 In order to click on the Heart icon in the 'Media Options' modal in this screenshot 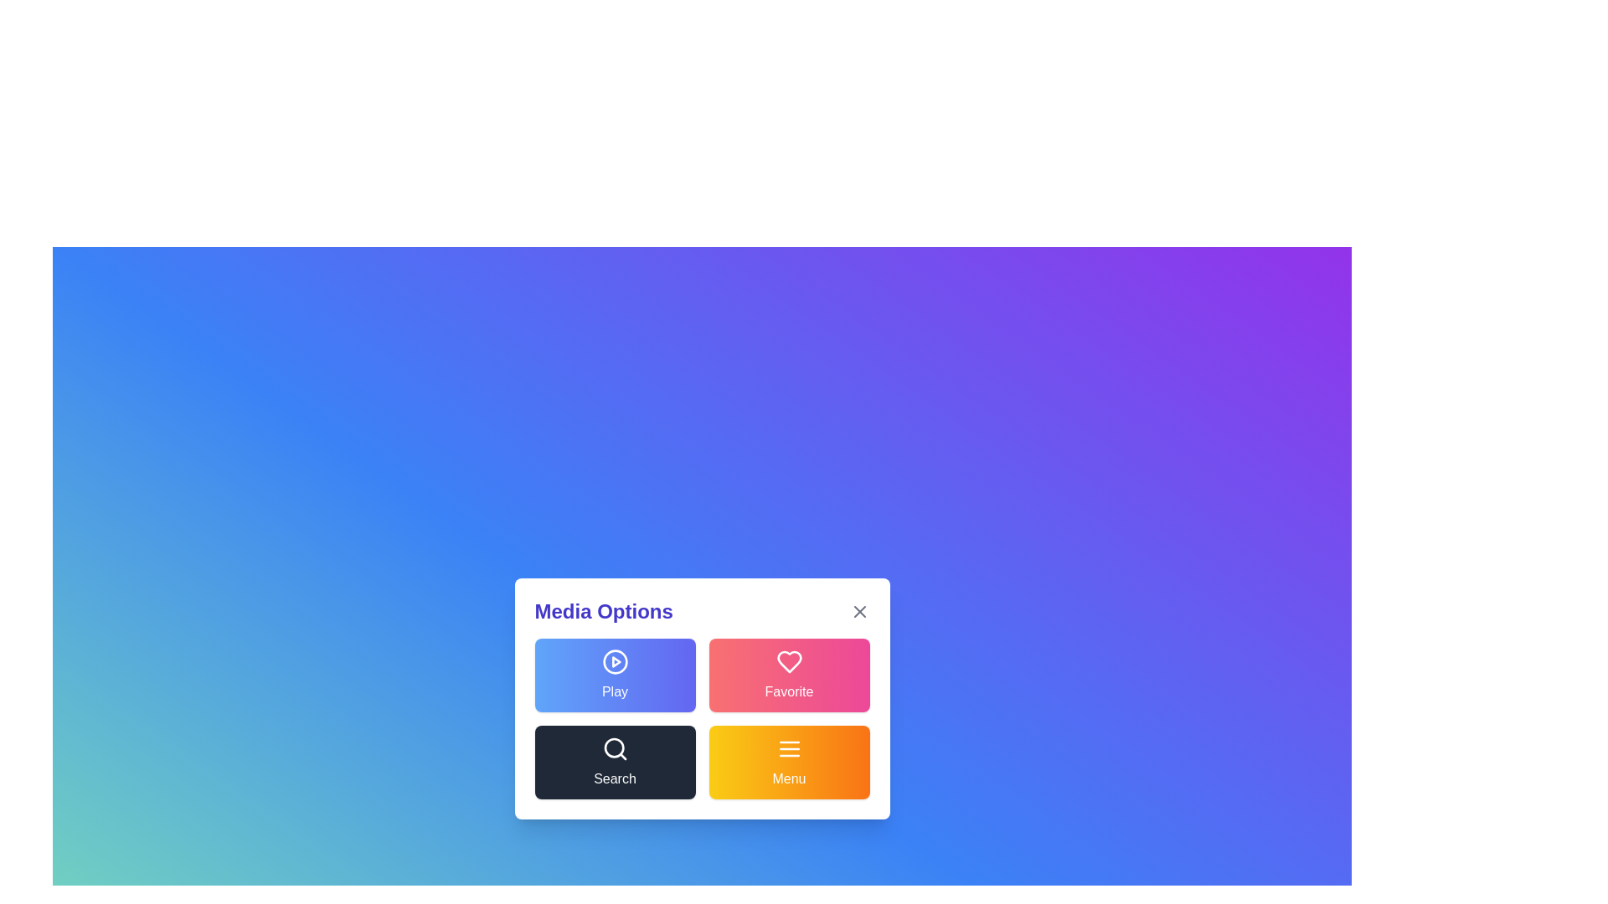, I will do `click(788, 660)`.